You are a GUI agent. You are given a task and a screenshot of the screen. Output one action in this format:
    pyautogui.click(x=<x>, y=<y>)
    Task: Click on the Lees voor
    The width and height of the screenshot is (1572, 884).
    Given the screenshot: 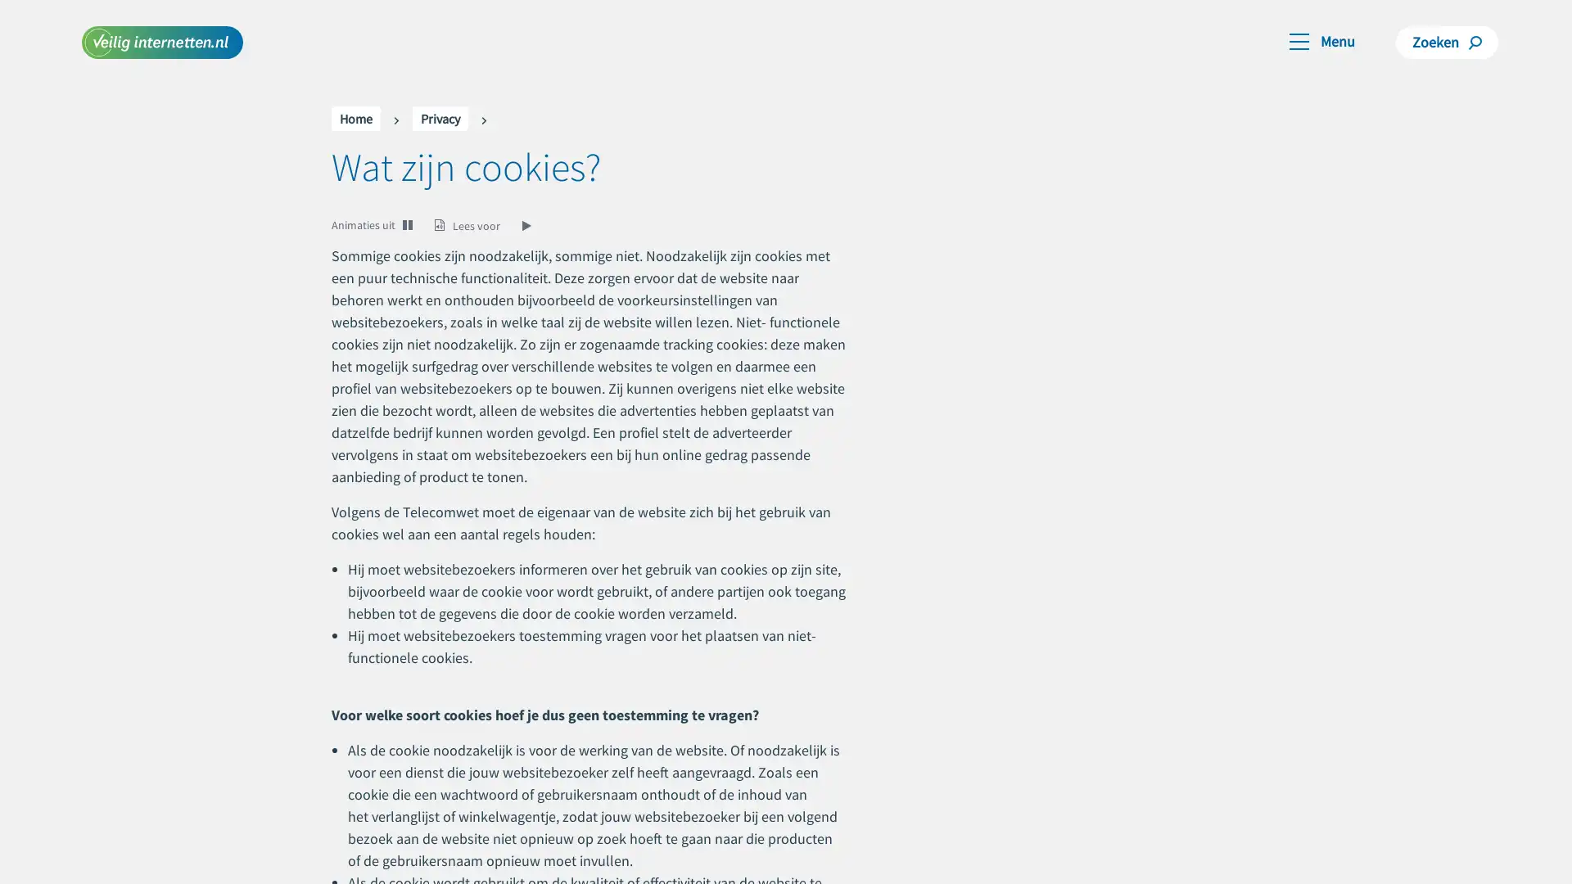 What is the action you would take?
    pyautogui.click(x=485, y=224)
    